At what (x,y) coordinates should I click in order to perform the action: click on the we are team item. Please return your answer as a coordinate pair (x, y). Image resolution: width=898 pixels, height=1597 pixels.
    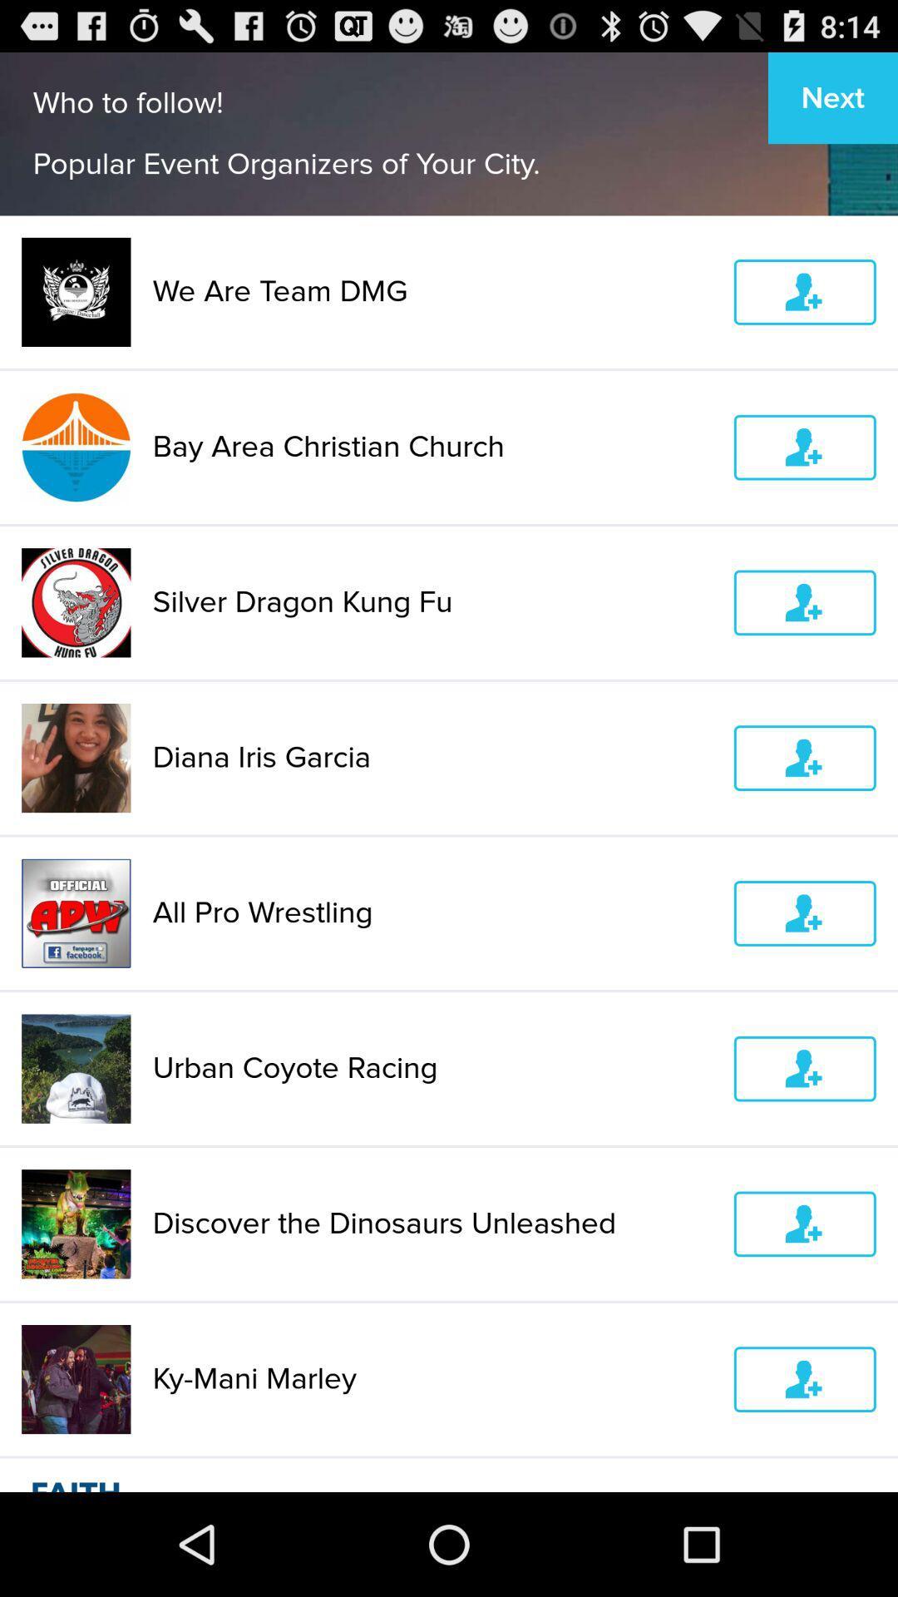
    Looking at the image, I should click on (432, 291).